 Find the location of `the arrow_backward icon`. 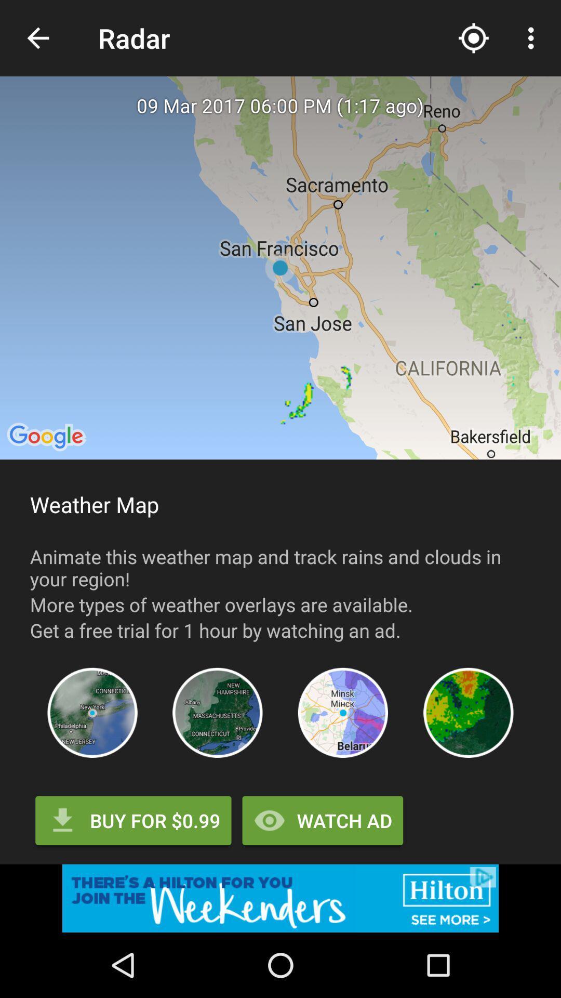

the arrow_backward icon is located at coordinates (29, 29).